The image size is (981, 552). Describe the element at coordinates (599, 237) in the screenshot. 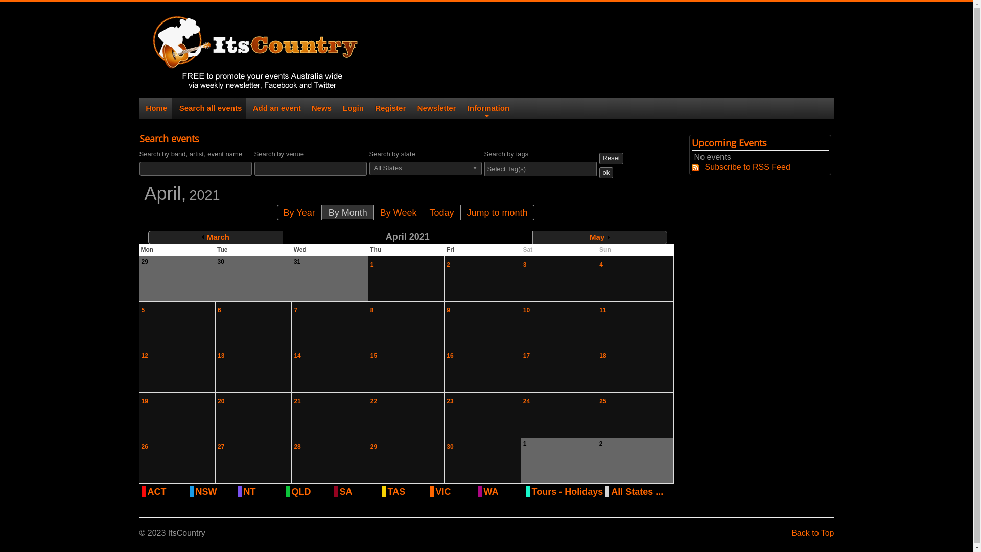

I see `'May'` at that location.